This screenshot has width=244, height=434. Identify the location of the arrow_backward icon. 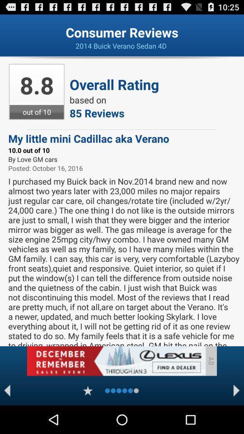
(7, 418).